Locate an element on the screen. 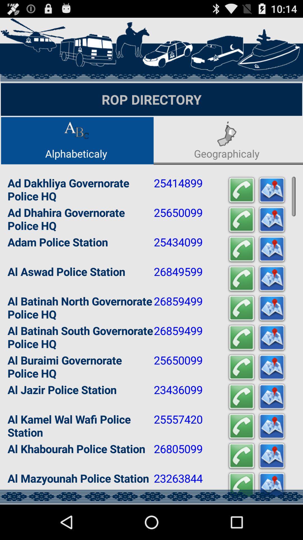 This screenshot has height=540, width=303. the call icon is located at coordinates (241, 393).